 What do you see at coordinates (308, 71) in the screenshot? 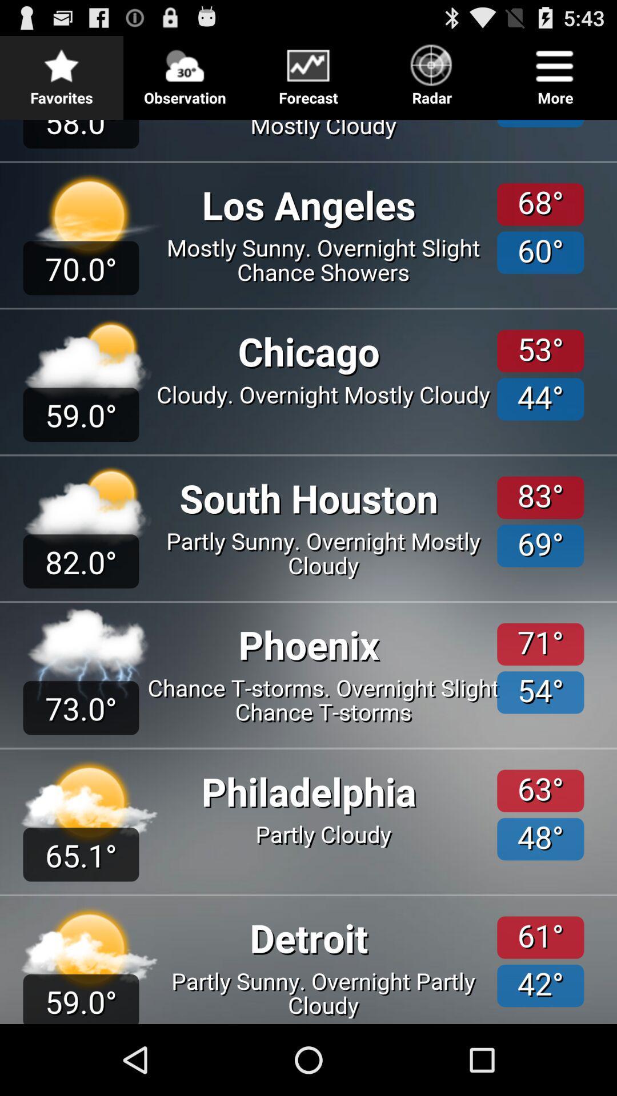
I see `item to the right of observation button` at bounding box center [308, 71].